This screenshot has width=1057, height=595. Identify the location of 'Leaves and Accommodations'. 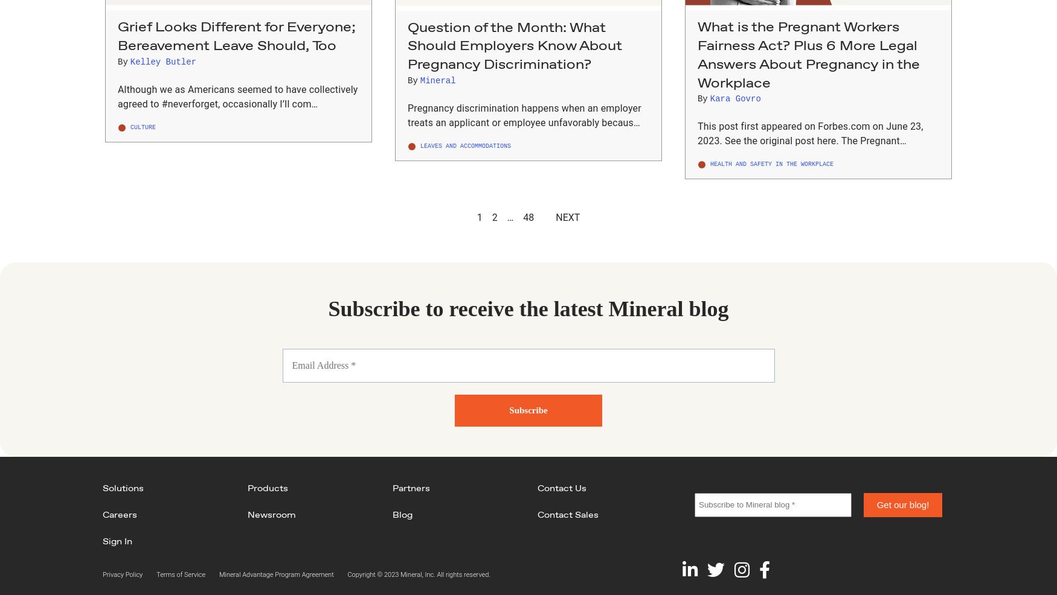
(419, 145).